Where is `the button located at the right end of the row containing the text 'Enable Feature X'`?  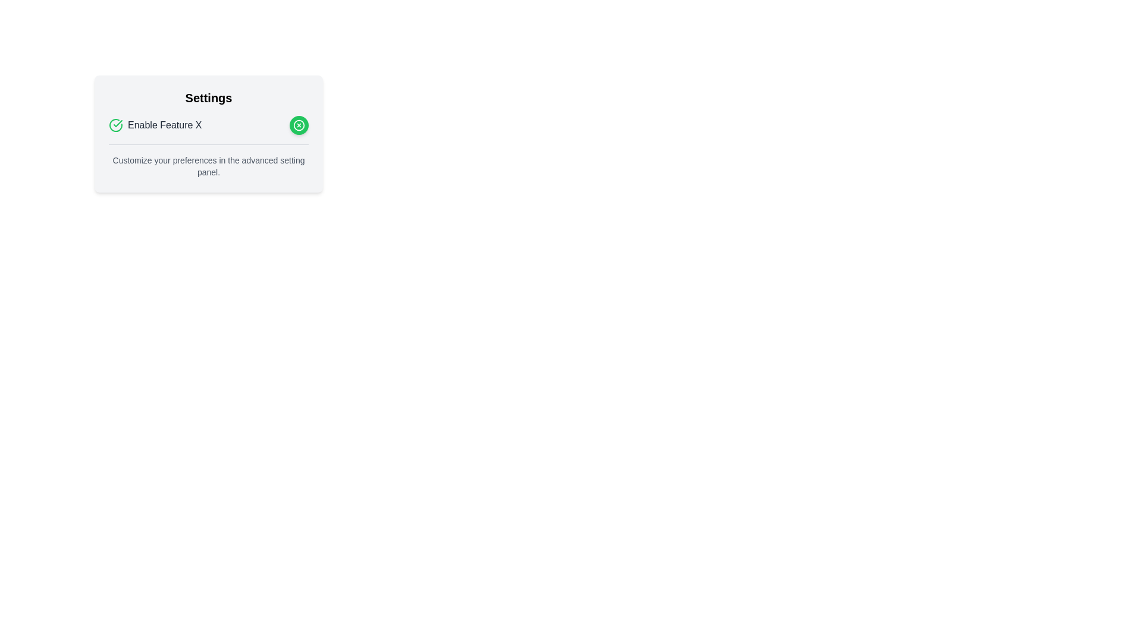
the button located at the right end of the row containing the text 'Enable Feature X' is located at coordinates (299, 125).